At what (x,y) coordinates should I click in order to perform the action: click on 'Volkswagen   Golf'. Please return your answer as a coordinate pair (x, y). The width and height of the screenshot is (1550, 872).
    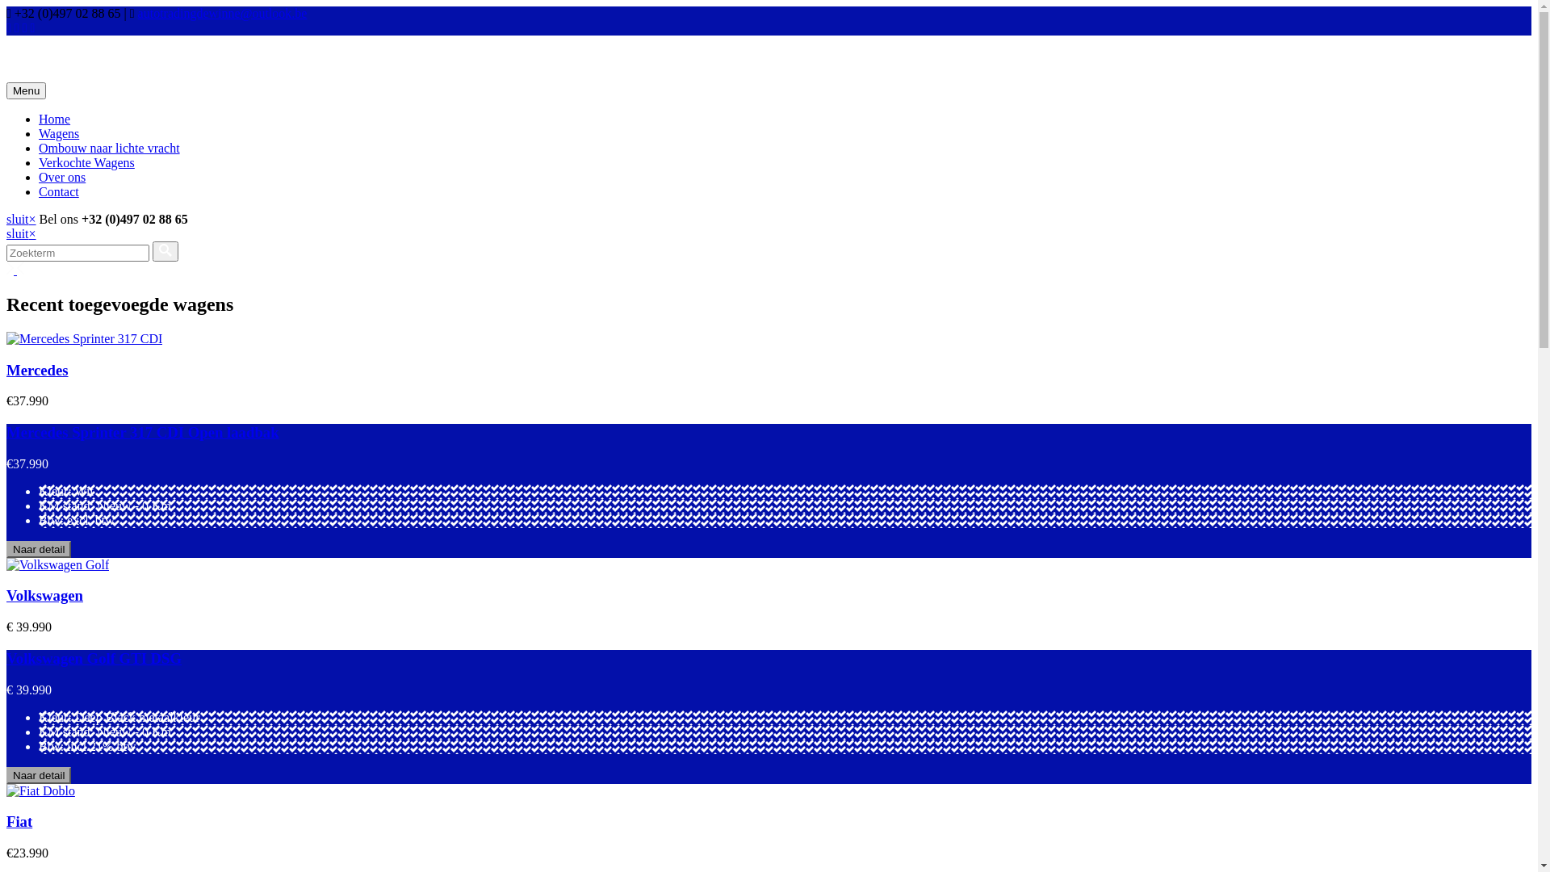
    Looking at the image, I should click on (6, 564).